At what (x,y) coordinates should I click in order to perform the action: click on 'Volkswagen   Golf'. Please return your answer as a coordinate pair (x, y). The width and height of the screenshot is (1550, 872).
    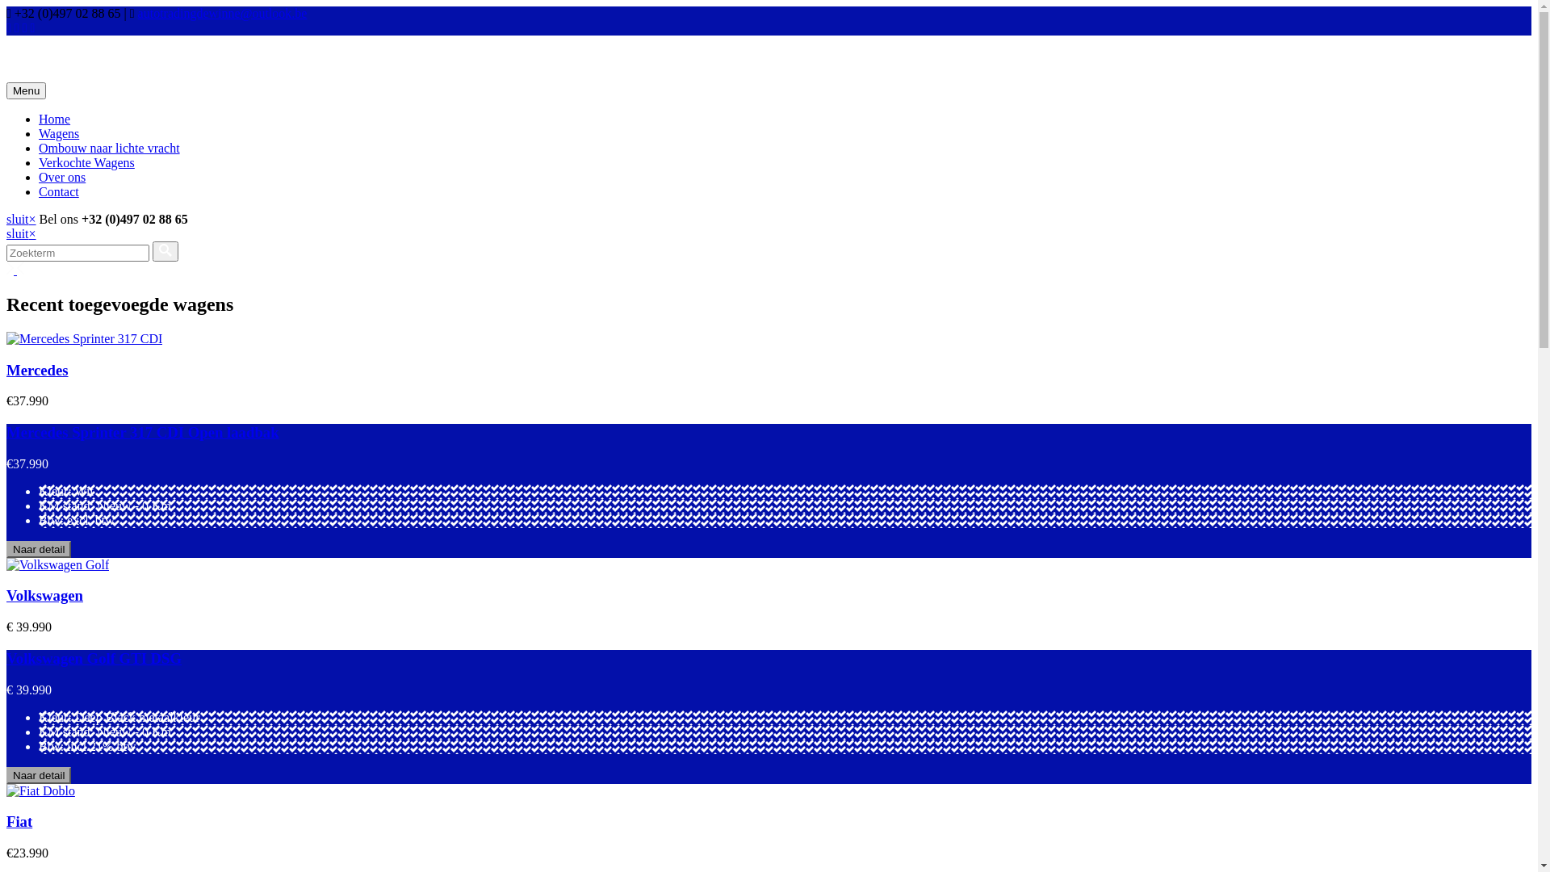
    Looking at the image, I should click on (6, 564).